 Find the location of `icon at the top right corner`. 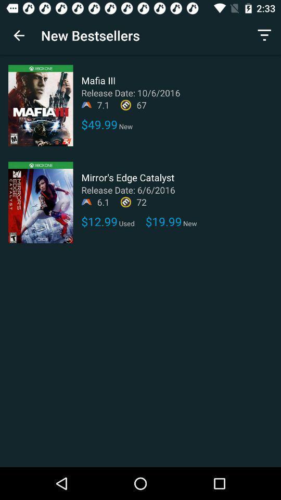

icon at the top right corner is located at coordinates (264, 35).